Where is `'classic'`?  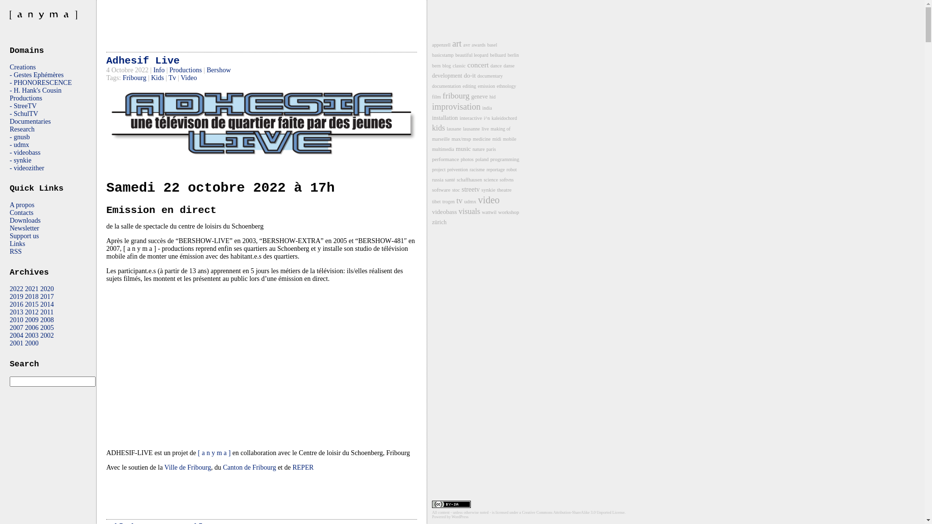 'classic' is located at coordinates (459, 65).